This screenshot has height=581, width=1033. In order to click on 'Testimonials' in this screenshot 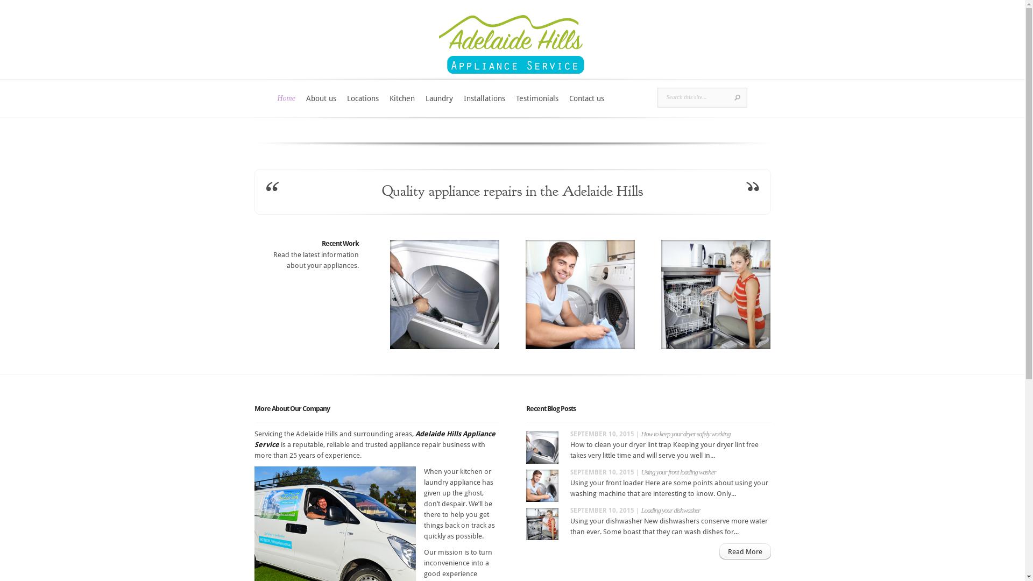, I will do `click(537, 105)`.